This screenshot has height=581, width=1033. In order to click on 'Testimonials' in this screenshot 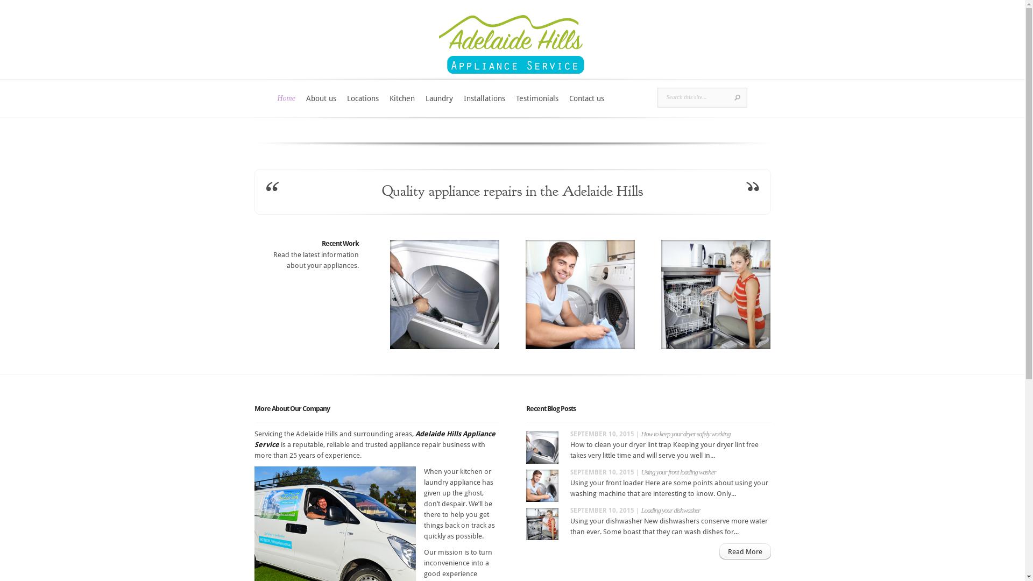, I will do `click(537, 105)`.